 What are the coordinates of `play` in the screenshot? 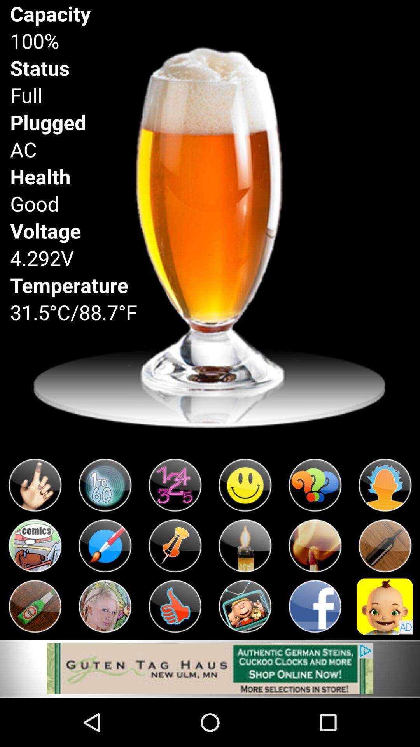 It's located at (105, 606).